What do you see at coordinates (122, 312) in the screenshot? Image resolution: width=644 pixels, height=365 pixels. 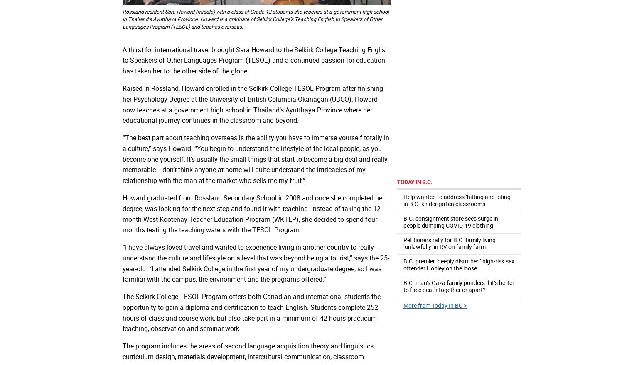 I see `'The Selkirk College TESOL Program offers both Canadian and international students the opportunity to gain a diploma and certification to teach English. Students complete 252 hours of class and course work, but also take part in a minimum of 42 hours practicum teaching, observation and seminar work.'` at bounding box center [122, 312].